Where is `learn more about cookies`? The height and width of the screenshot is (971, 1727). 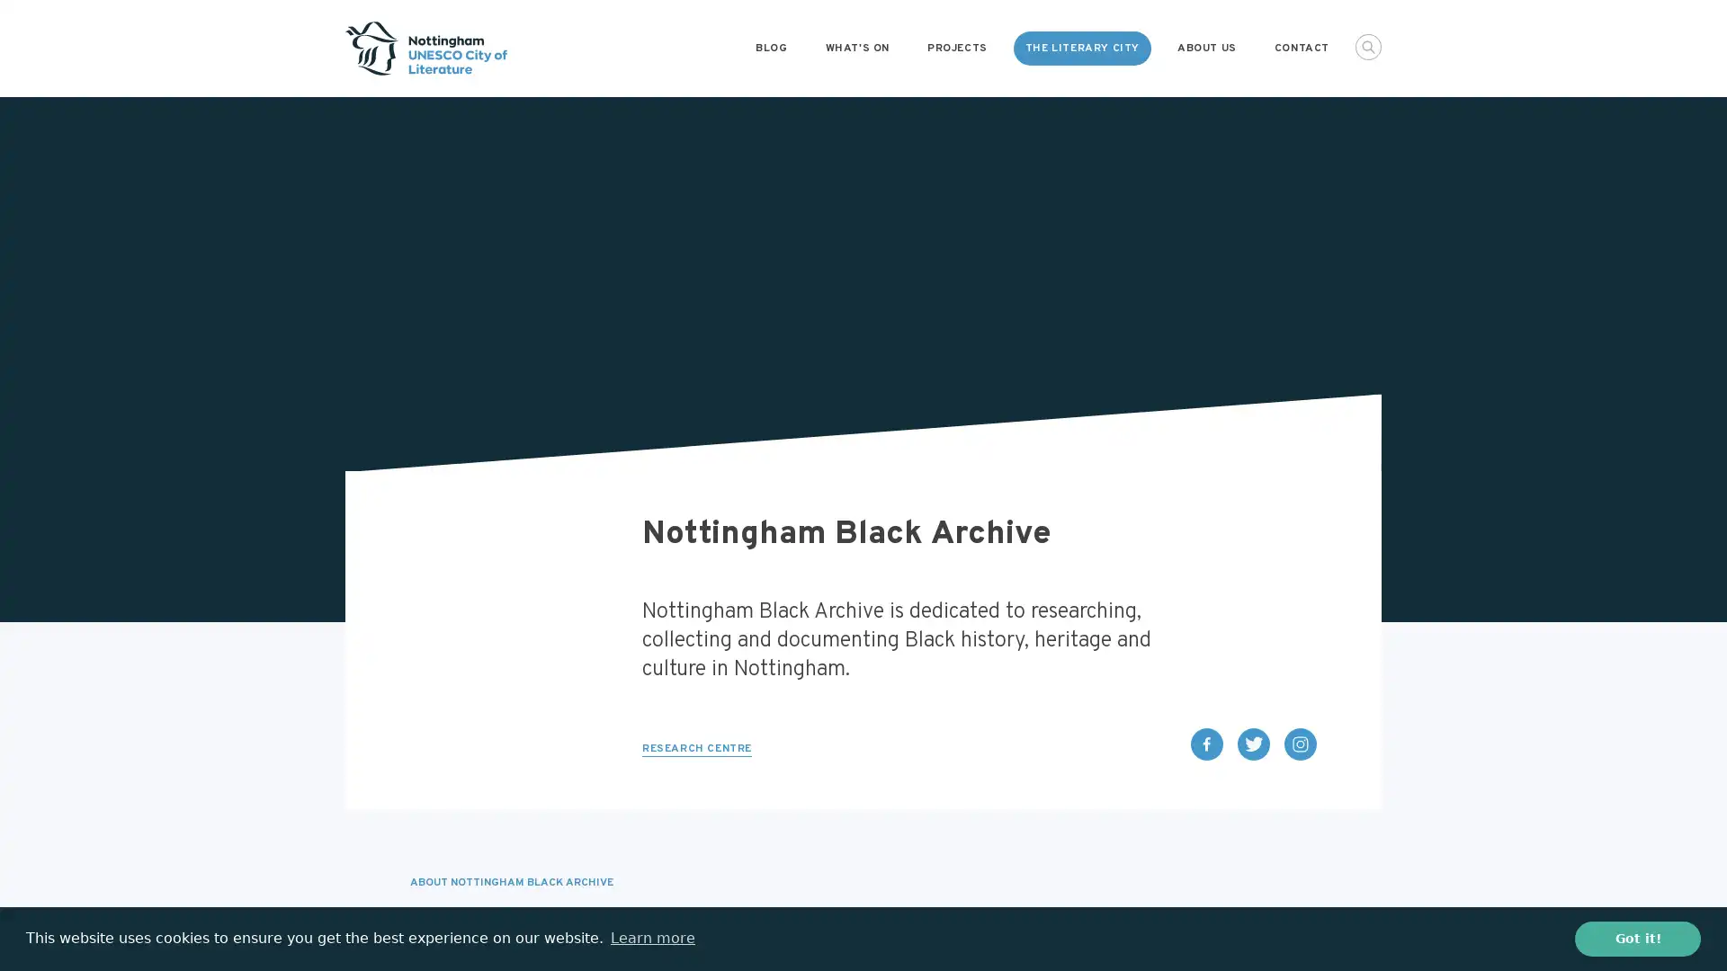 learn more about cookies is located at coordinates (651, 938).